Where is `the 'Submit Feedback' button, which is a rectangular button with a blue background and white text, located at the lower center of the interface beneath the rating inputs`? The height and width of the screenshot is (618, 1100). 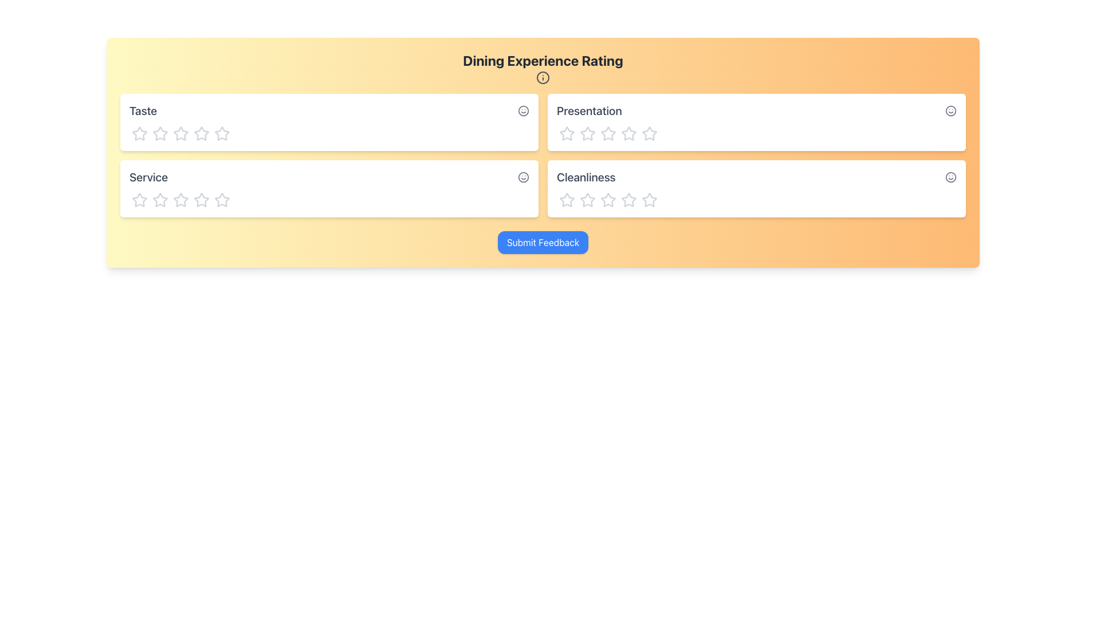
the 'Submit Feedback' button, which is a rectangular button with a blue background and white text, located at the lower center of the interface beneath the rating inputs is located at coordinates (542, 241).